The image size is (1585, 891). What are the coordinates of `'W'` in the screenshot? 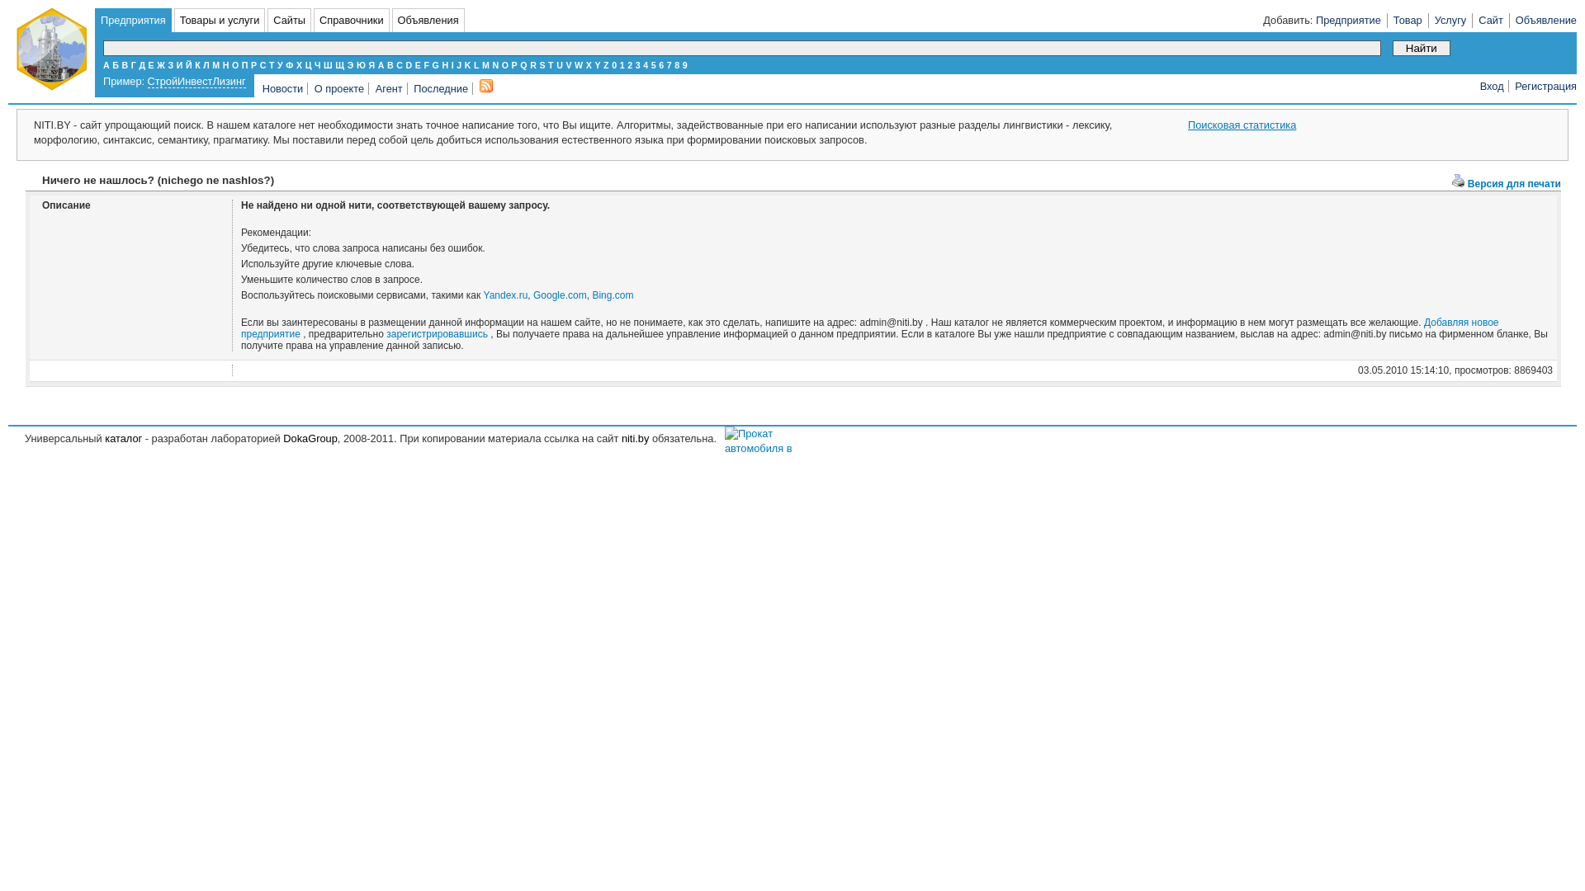 It's located at (578, 64).